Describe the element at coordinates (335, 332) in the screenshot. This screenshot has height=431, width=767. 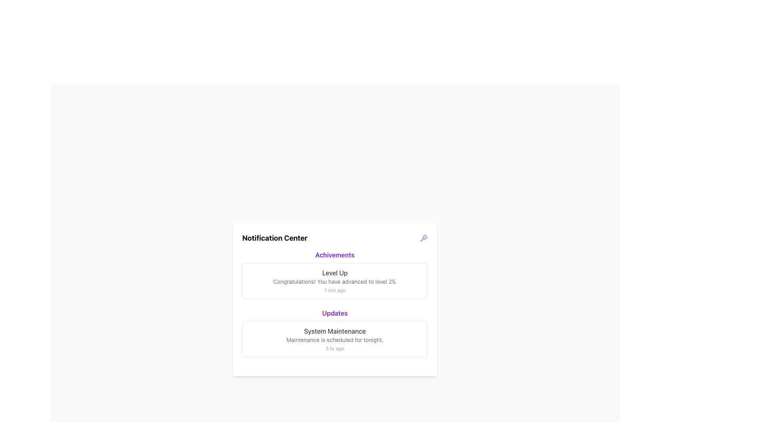
I see `the timestamp of the notification displayed on the 'Updates' Notification card located below the 'Achievements' card in the notification center interface` at that location.